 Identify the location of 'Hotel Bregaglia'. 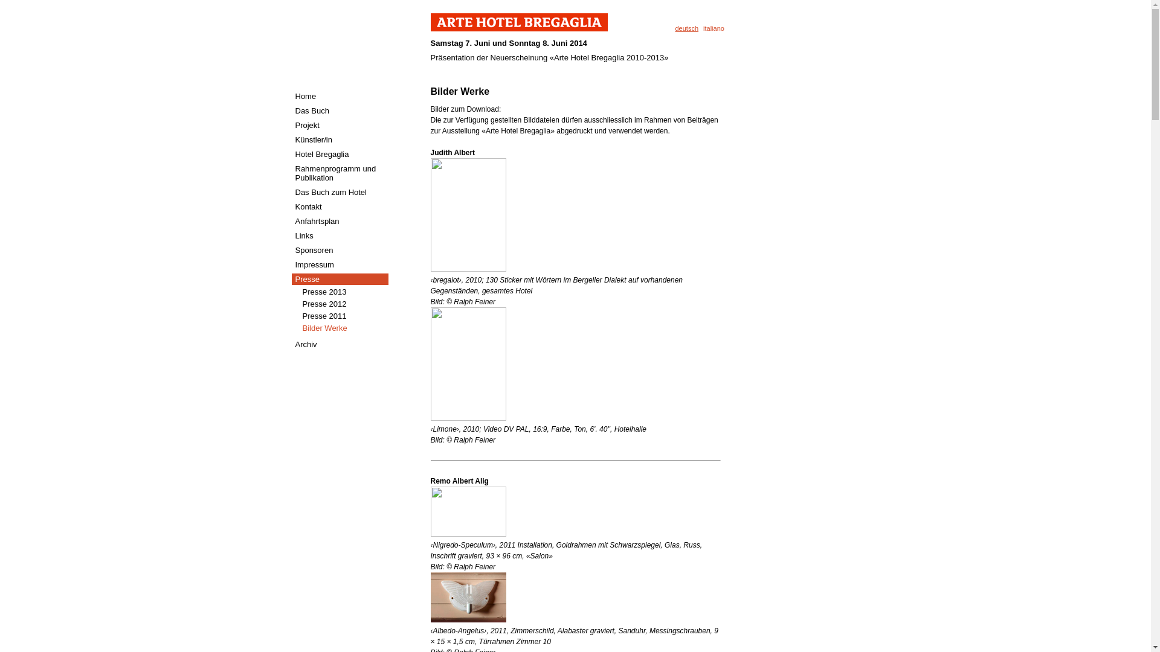
(338, 153).